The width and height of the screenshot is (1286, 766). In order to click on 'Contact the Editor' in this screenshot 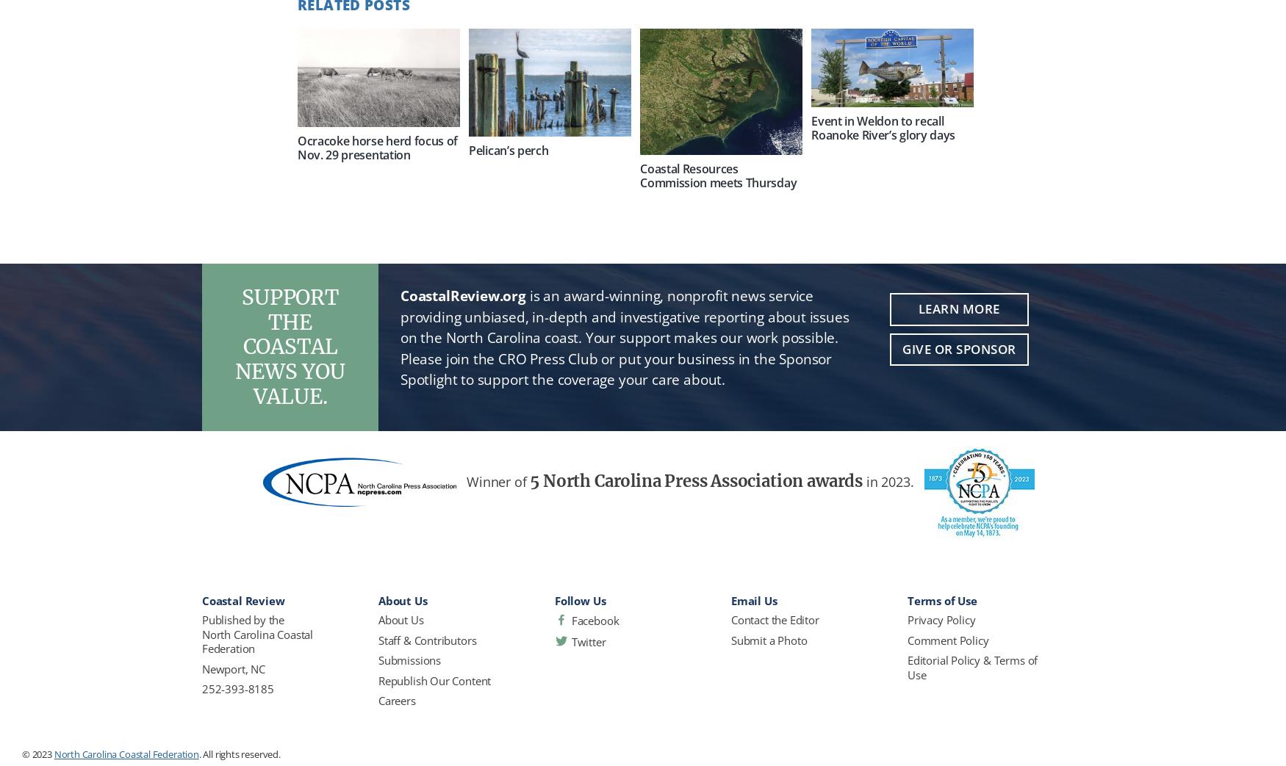, I will do `click(774, 619)`.